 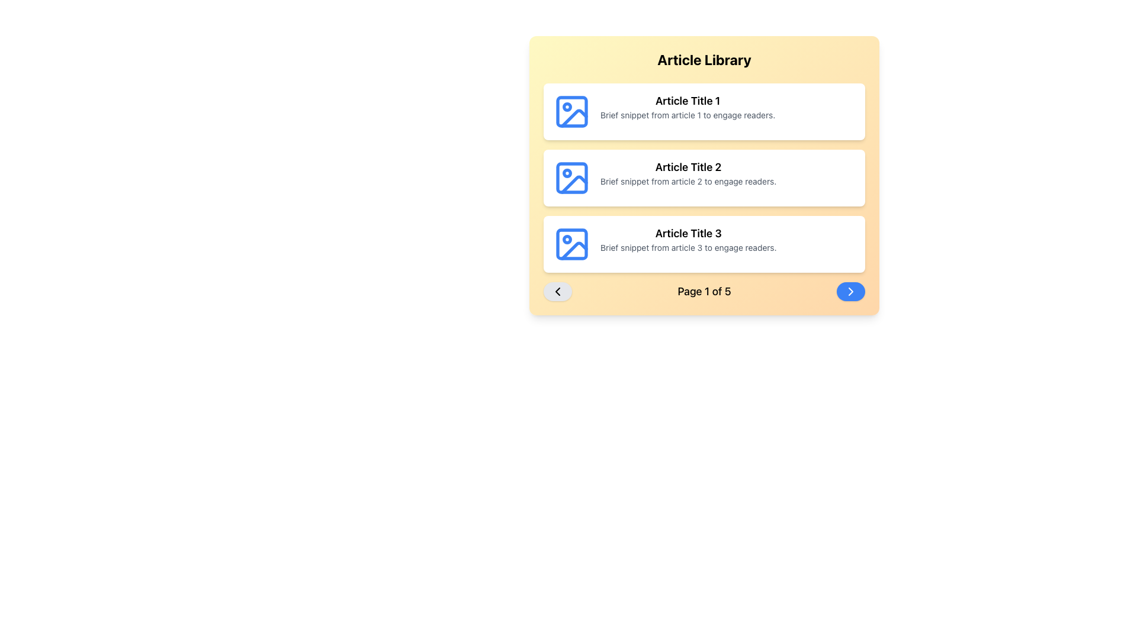 What do you see at coordinates (704, 112) in the screenshot?
I see `the first card in the 'Article Library'` at bounding box center [704, 112].